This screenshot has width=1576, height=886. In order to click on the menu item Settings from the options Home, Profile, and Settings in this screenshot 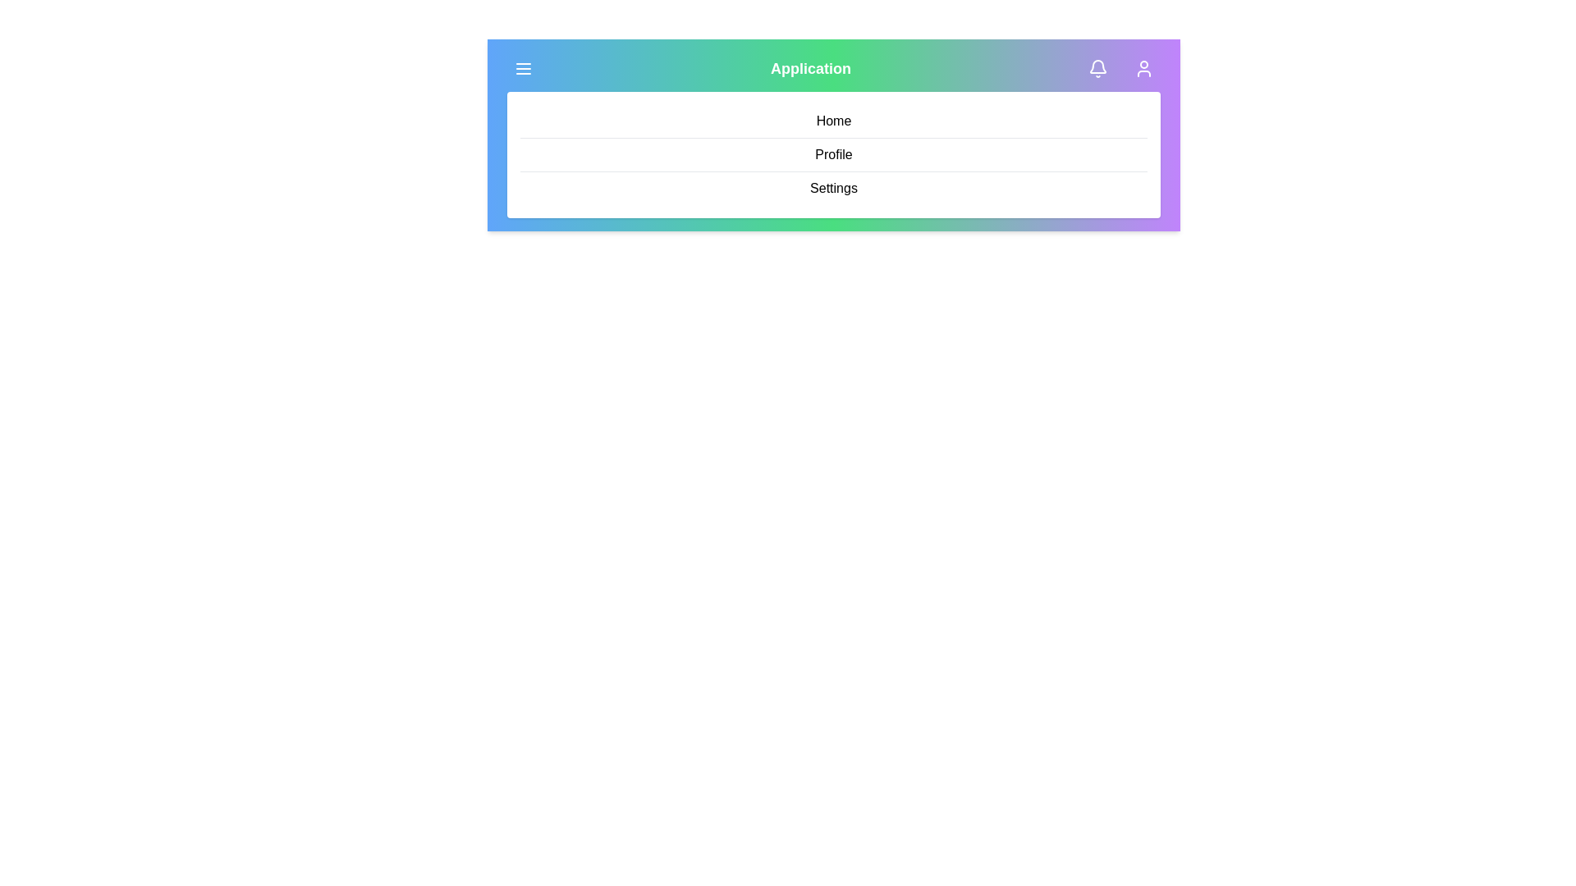, I will do `click(834, 188)`.